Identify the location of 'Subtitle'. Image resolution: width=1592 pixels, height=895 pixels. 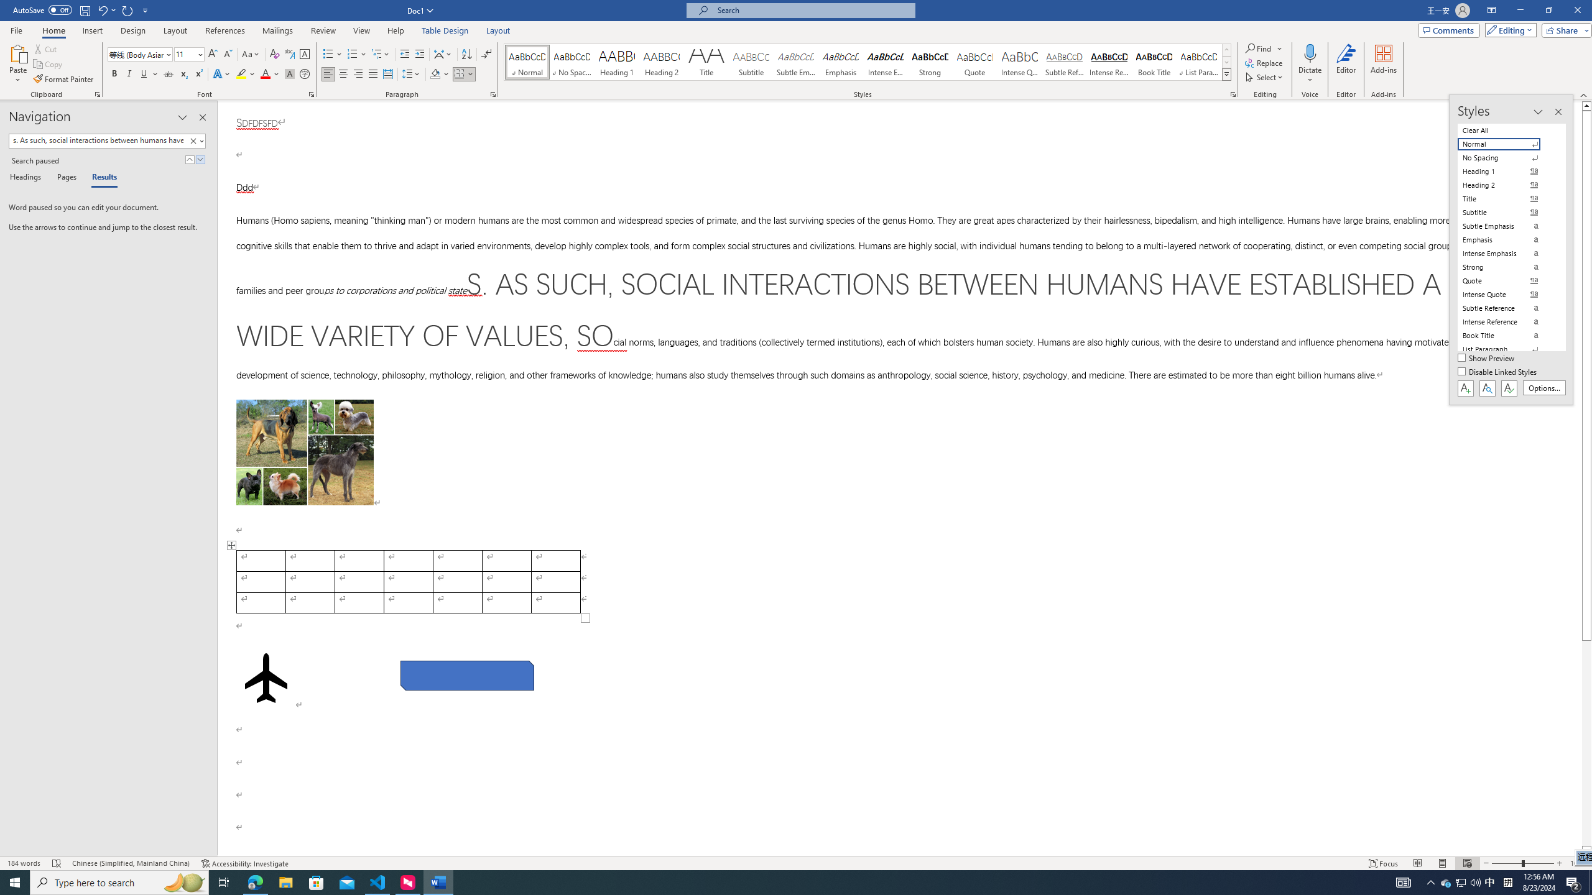
(751, 62).